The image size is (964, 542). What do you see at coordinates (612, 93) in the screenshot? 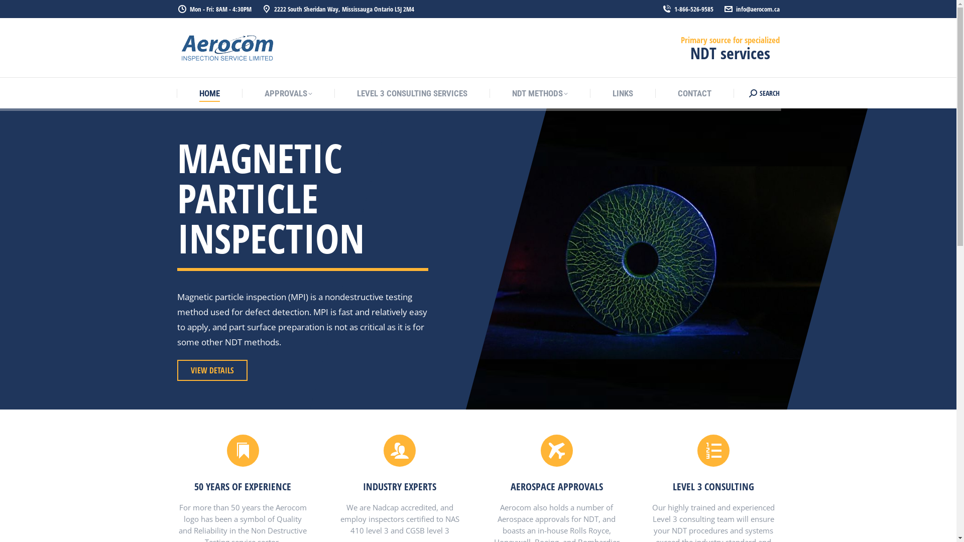
I see `'LINKS'` at bounding box center [612, 93].